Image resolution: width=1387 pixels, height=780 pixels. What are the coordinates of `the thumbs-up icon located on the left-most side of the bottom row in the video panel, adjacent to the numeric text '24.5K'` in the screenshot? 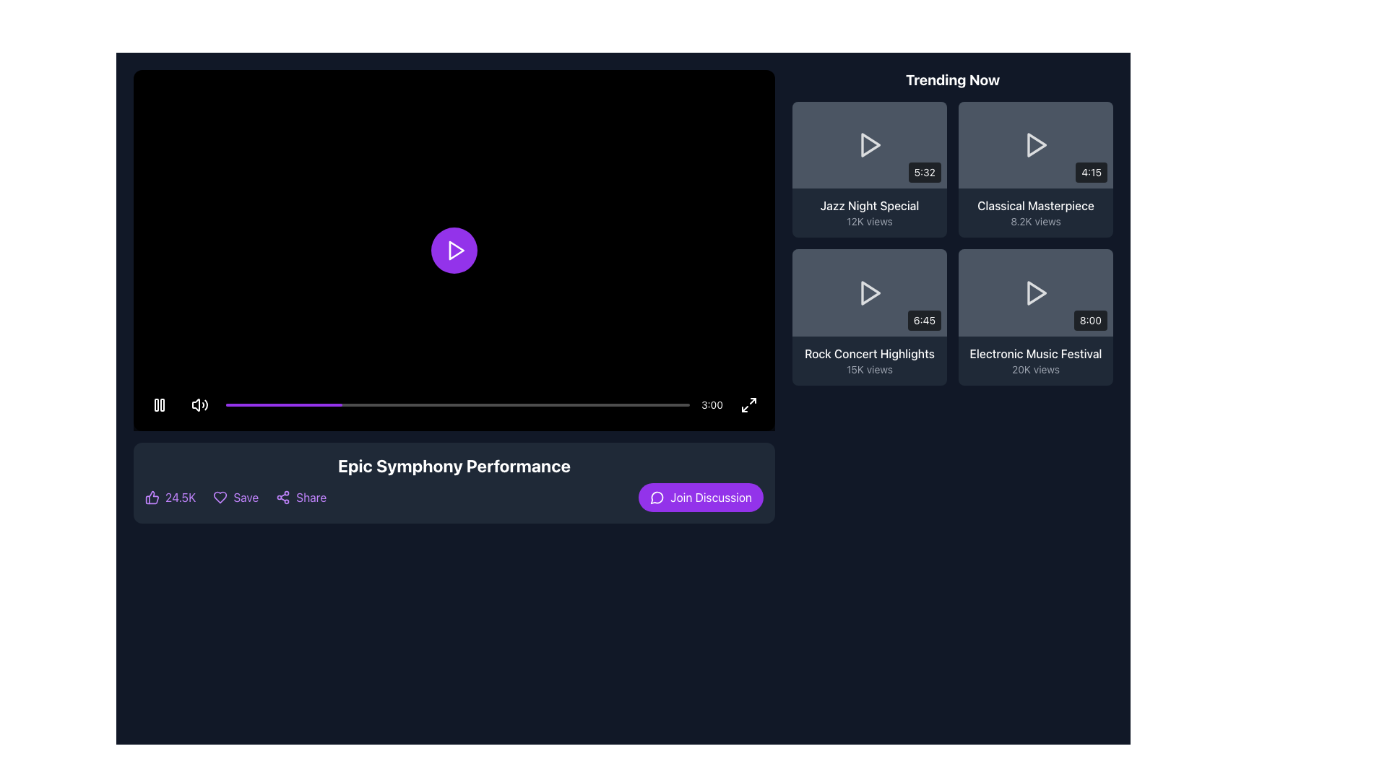 It's located at (152, 496).